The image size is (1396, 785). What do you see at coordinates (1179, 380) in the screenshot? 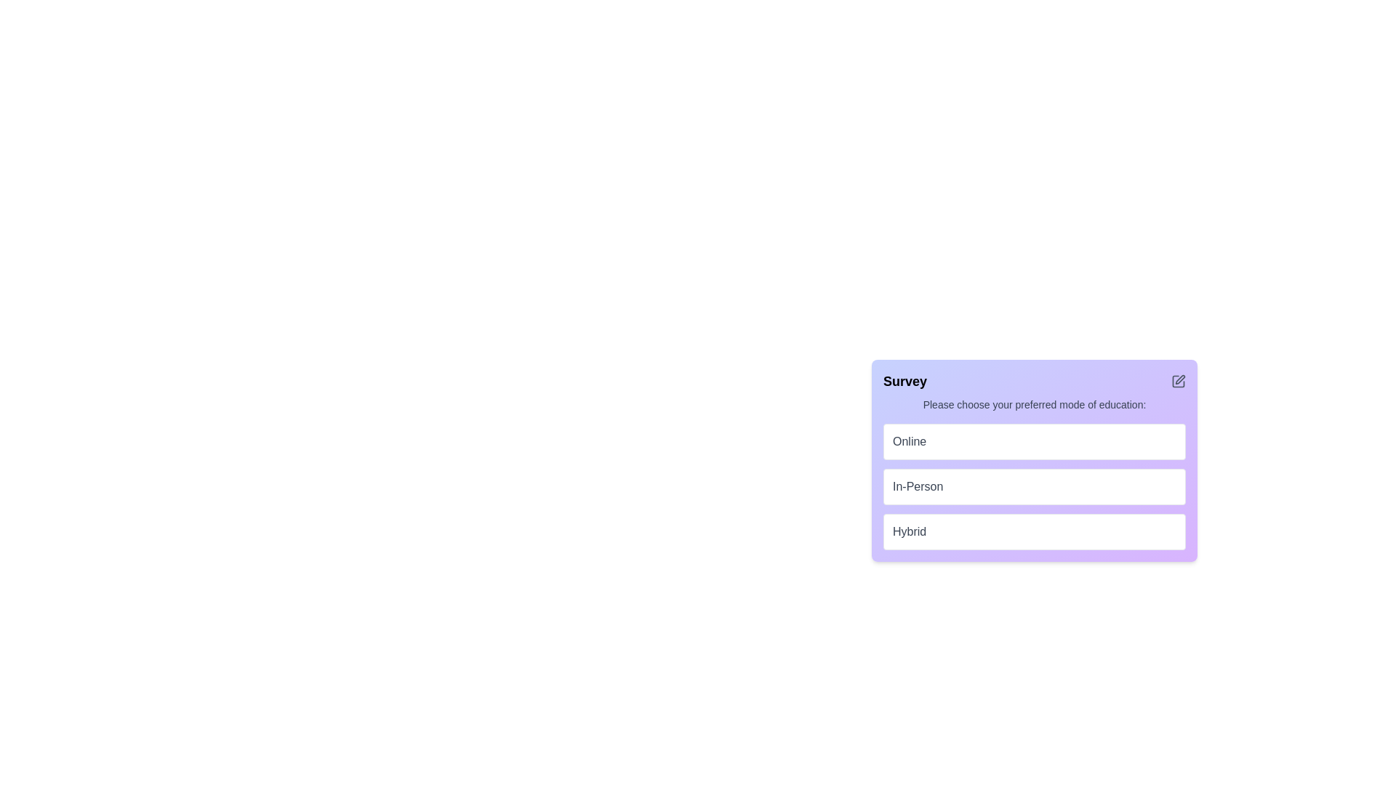
I see `the edit icon button represented by a pen icon located in the upper-right corner of the 'Survey' section` at bounding box center [1179, 380].